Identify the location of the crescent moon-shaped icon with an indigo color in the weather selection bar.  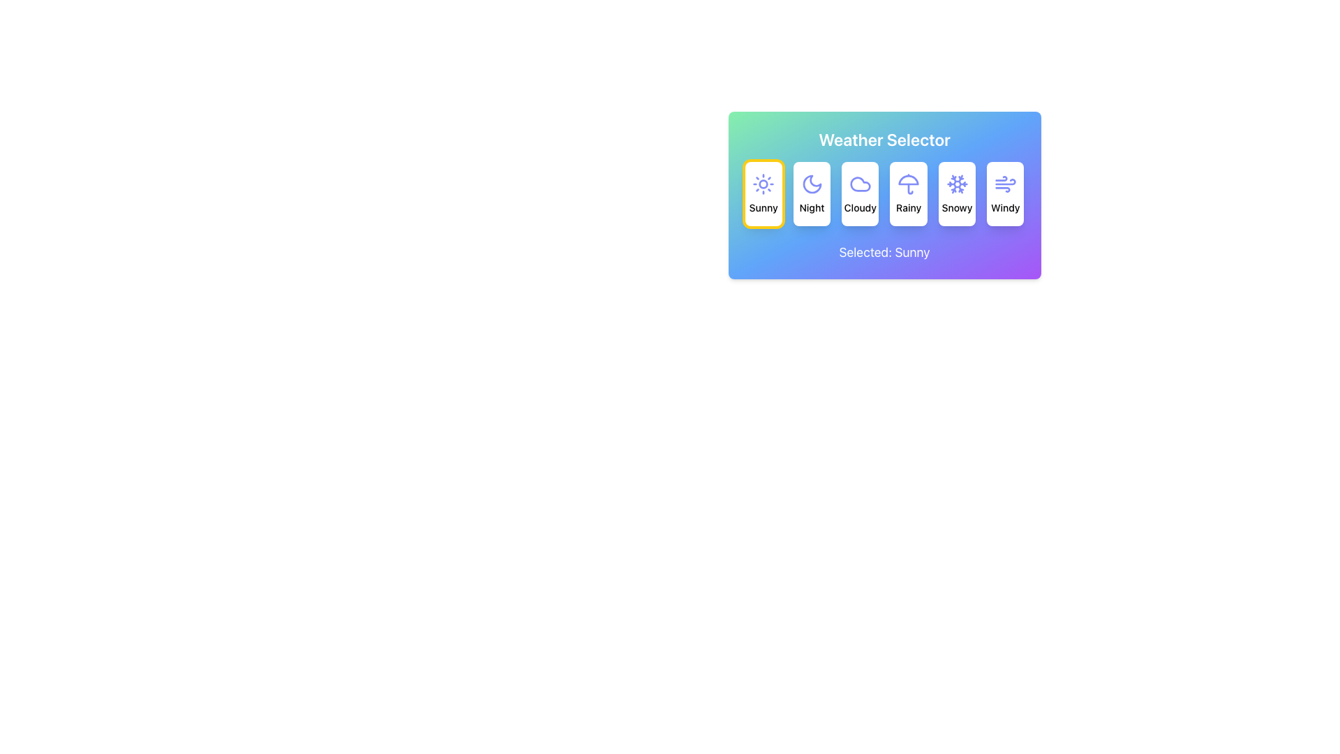
(812, 183).